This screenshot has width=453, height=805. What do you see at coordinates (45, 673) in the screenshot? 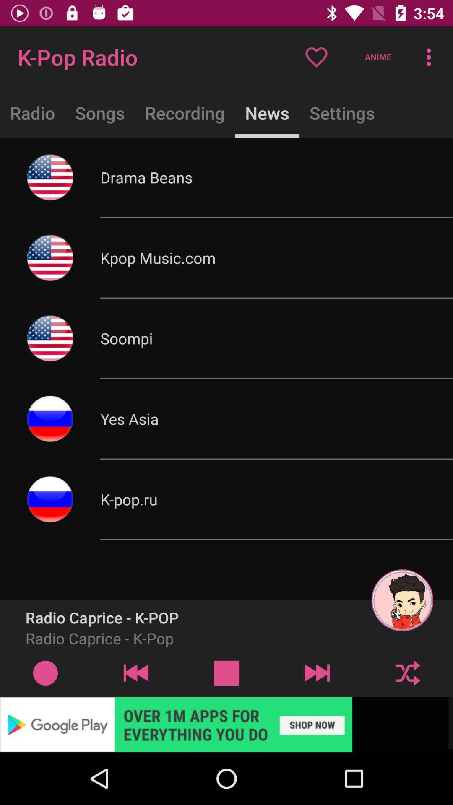
I see `to record` at bounding box center [45, 673].